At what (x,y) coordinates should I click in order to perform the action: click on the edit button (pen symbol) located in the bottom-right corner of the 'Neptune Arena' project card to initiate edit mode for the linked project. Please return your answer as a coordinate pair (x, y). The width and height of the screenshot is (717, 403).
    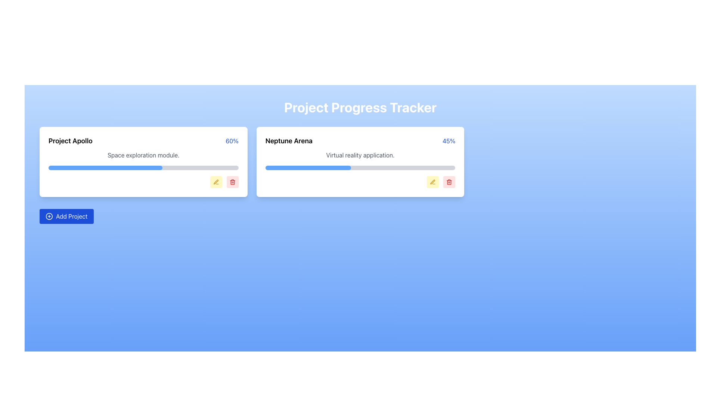
    Looking at the image, I should click on (432, 181).